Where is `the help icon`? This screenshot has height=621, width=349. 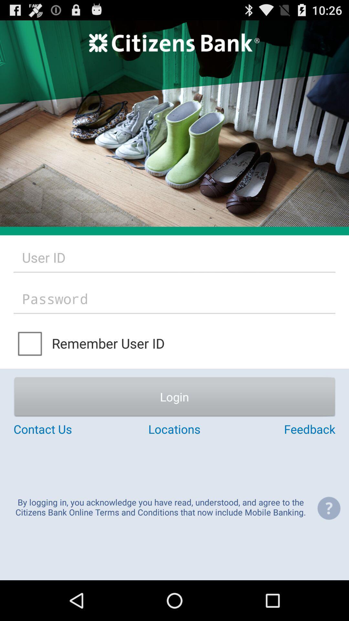 the help icon is located at coordinates (329, 543).